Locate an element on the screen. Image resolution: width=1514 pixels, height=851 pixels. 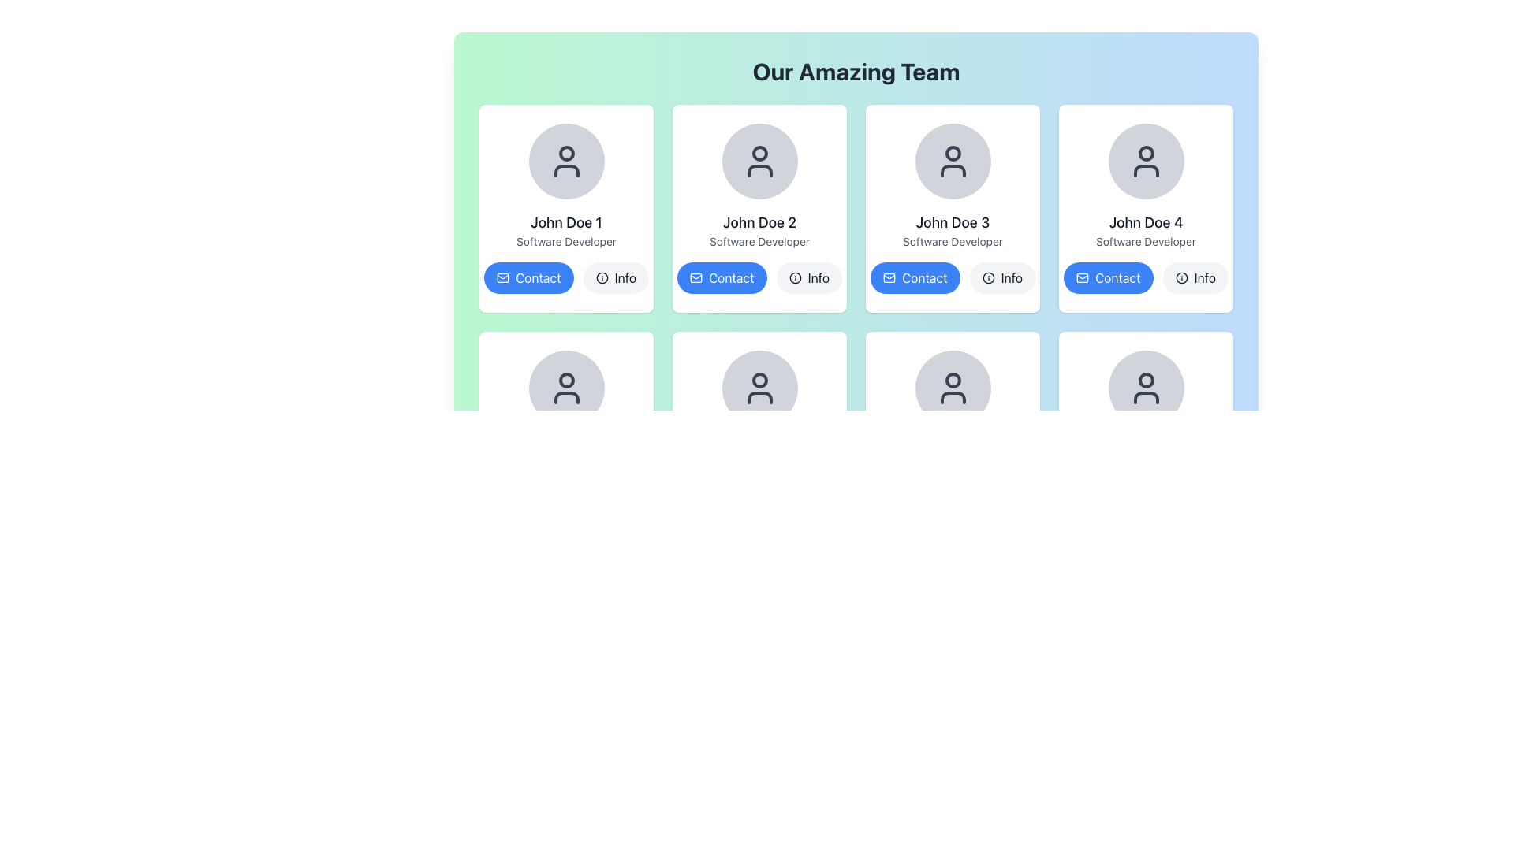
the information button located at the bottom right corner of the profile card for 'John Doe 4' is located at coordinates (1195, 277).